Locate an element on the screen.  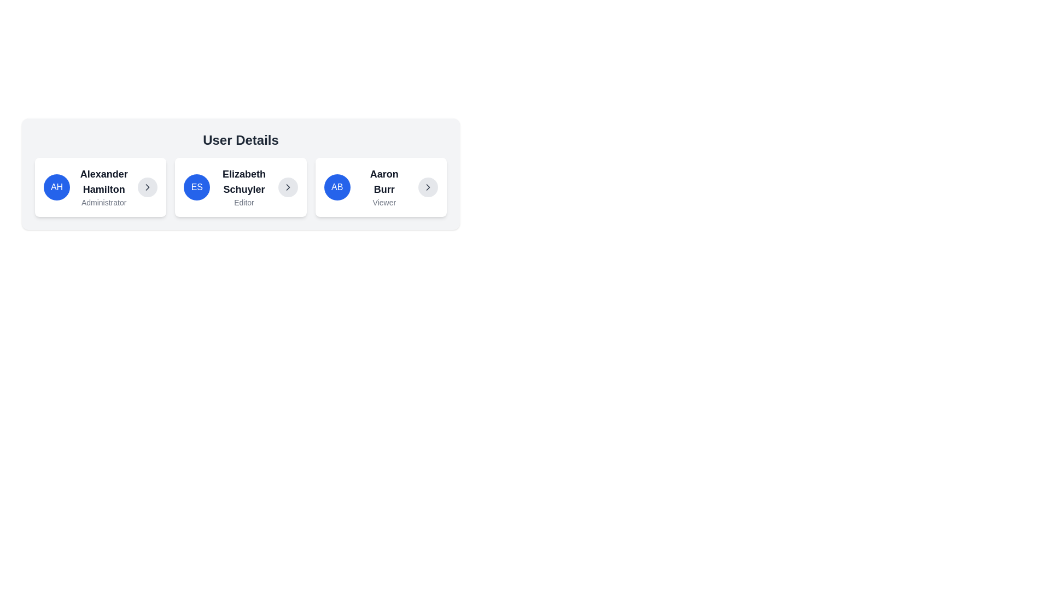
the Text Display that shows the name and role of the user, located to the right of the avatar labeled 'AH' and to the left of a chevron pointing right is located at coordinates (104, 187).